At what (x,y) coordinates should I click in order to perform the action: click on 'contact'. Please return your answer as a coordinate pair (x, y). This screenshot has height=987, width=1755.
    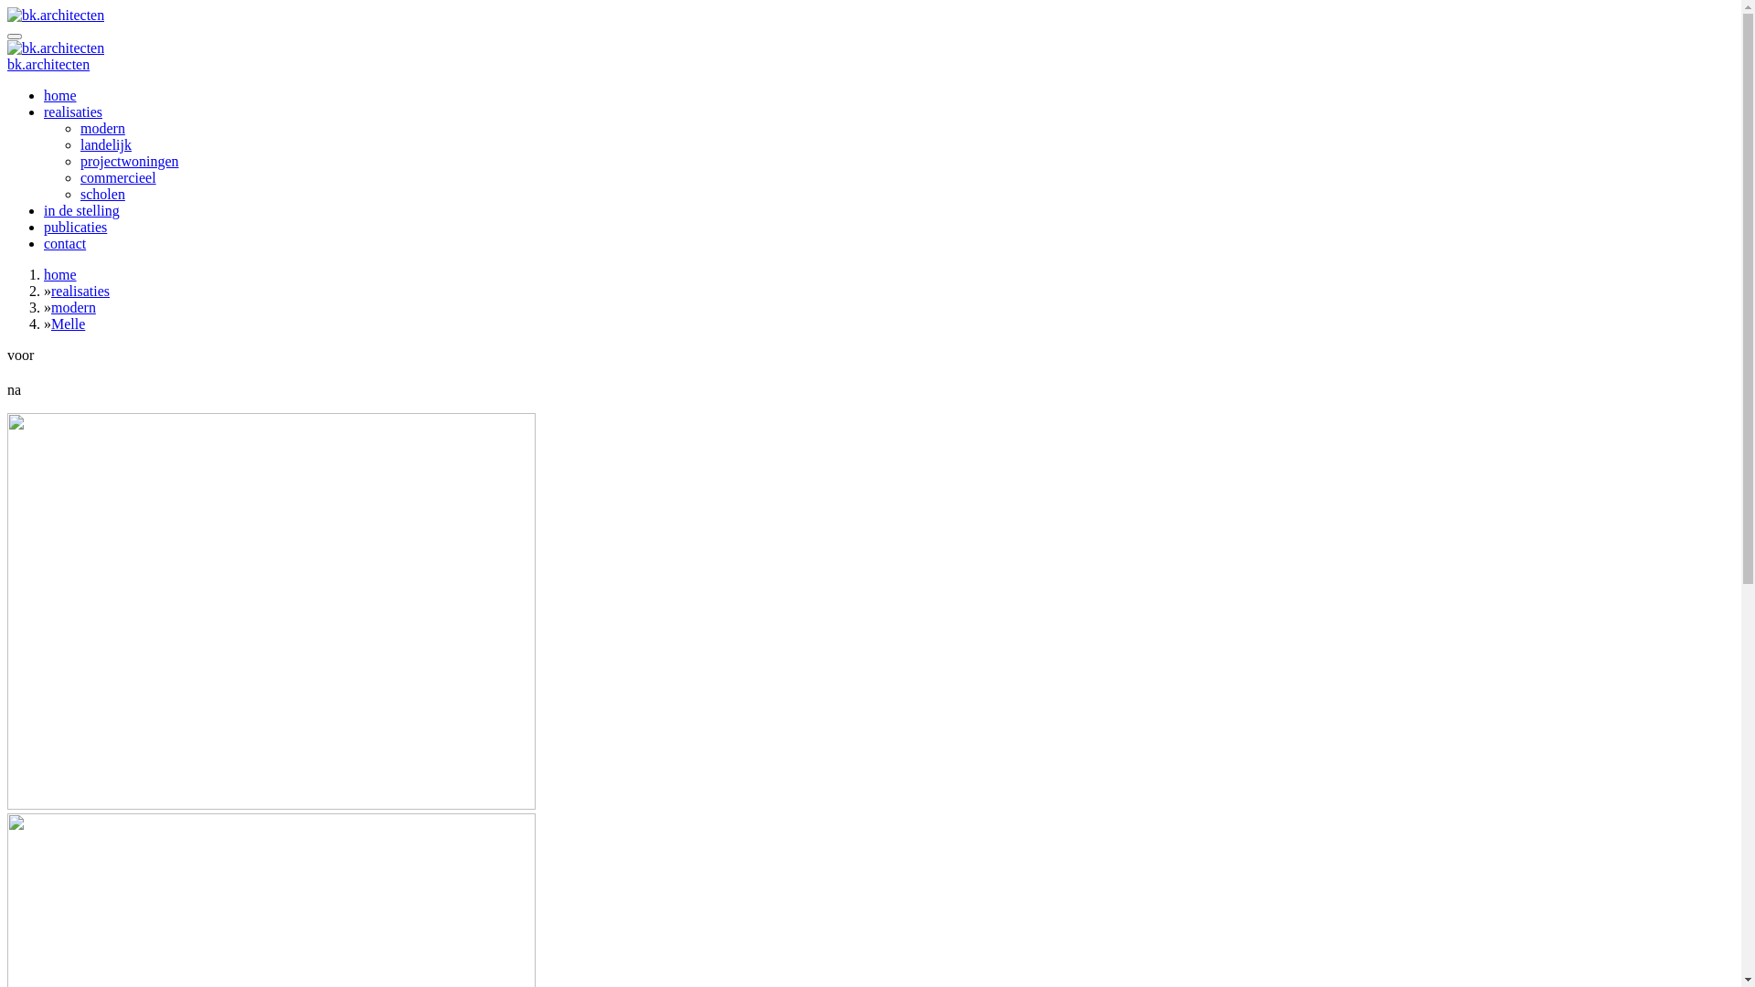
    Looking at the image, I should click on (65, 242).